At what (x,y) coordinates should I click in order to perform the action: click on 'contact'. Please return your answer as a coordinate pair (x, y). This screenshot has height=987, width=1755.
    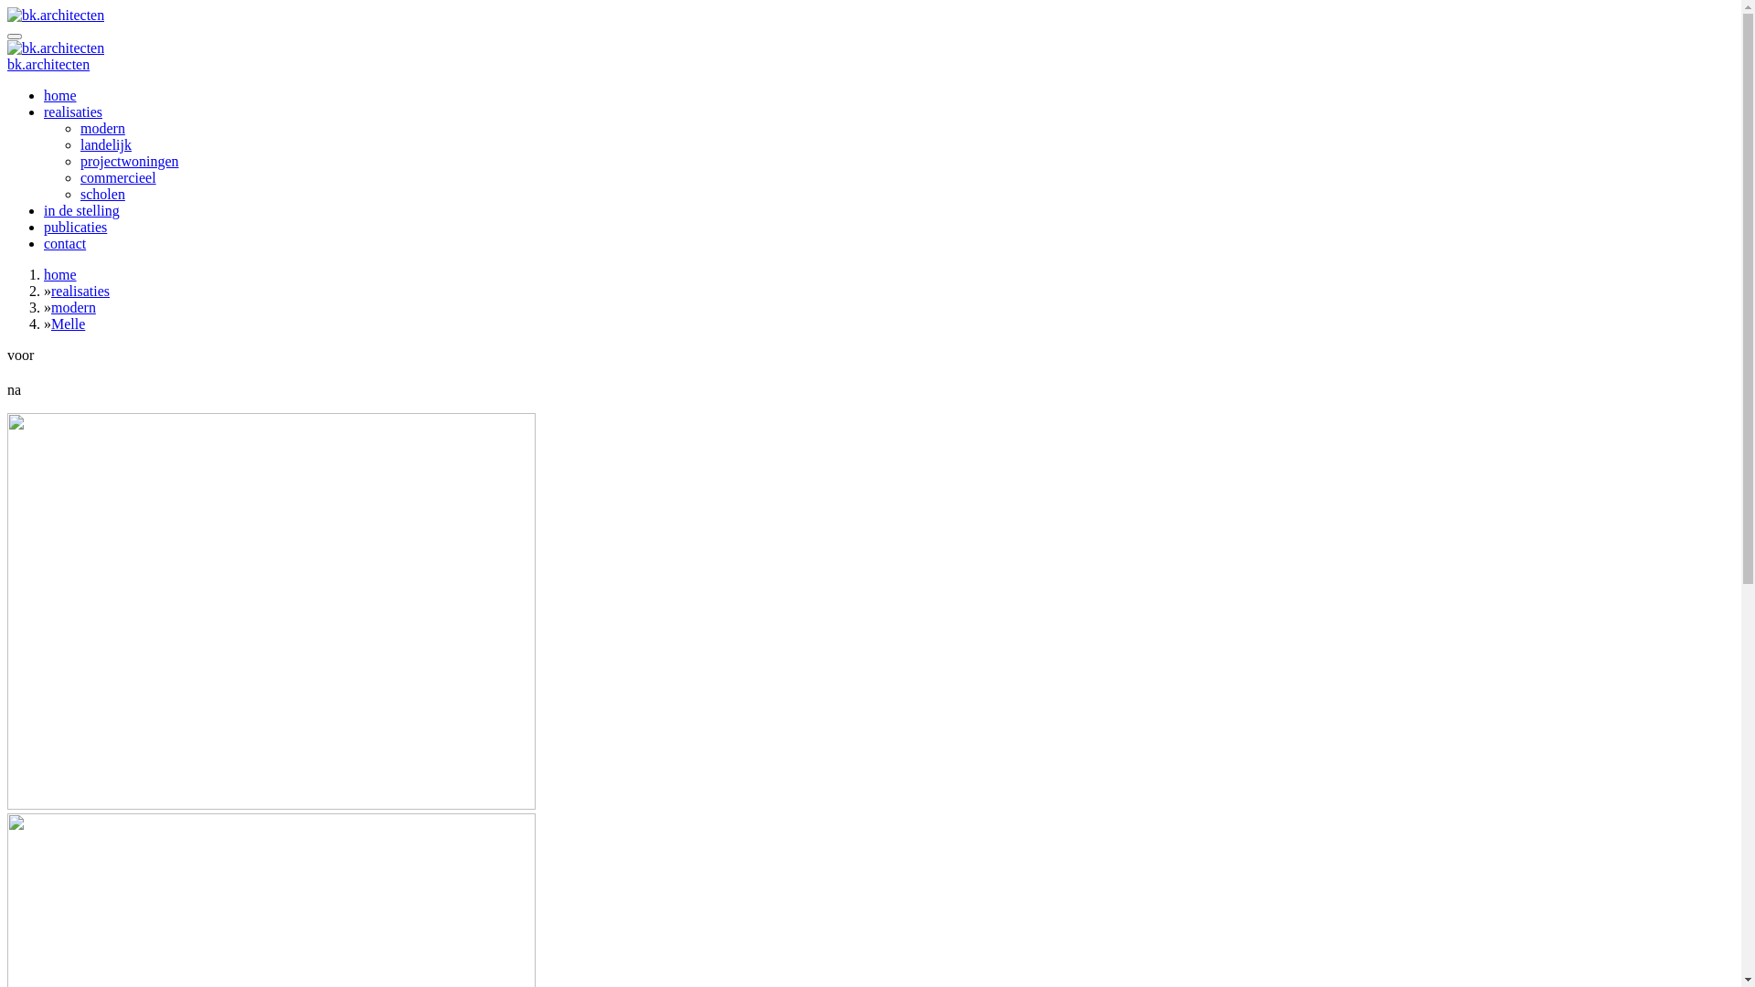
    Looking at the image, I should click on (65, 242).